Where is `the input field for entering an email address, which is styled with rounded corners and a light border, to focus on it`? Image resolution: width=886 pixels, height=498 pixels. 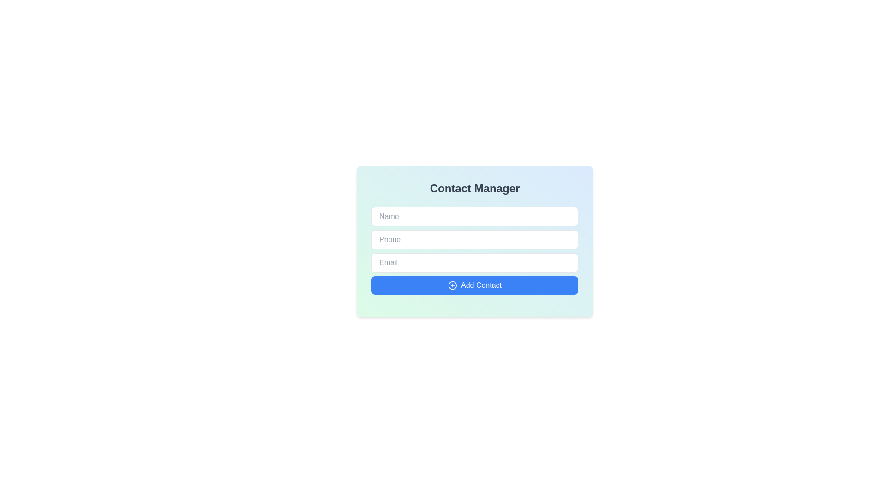 the input field for entering an email address, which is styled with rounded corners and a light border, to focus on it is located at coordinates (474, 263).